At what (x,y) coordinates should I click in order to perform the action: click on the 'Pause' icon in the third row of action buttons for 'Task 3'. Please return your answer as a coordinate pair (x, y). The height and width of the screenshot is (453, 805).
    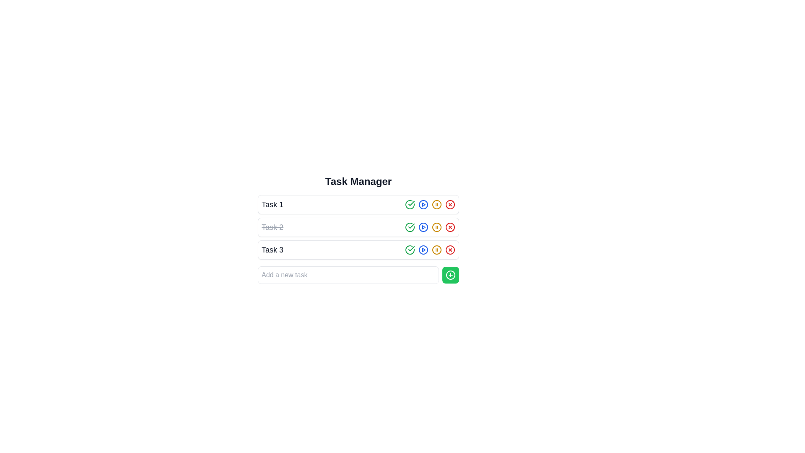
    Looking at the image, I should click on (436, 227).